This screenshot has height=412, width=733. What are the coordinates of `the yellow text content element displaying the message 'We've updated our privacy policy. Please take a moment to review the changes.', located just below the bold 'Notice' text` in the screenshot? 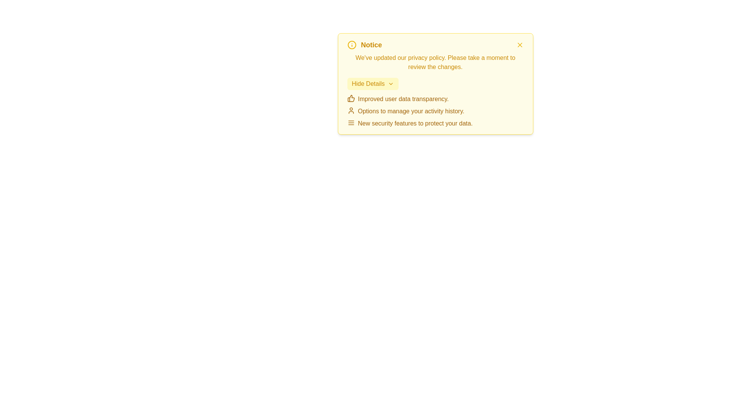 It's located at (435, 62).